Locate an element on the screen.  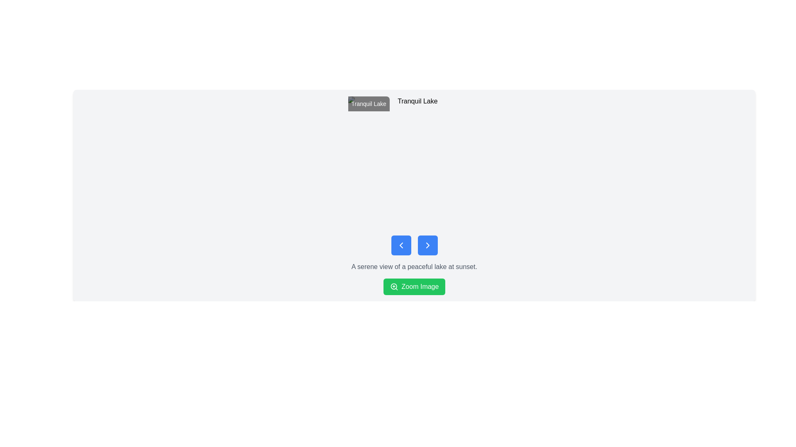
the 'Zoom Image' button, which contains text indicating its function and is located in the center-bottom section of the interface, to zoom an image is located at coordinates (420, 286).